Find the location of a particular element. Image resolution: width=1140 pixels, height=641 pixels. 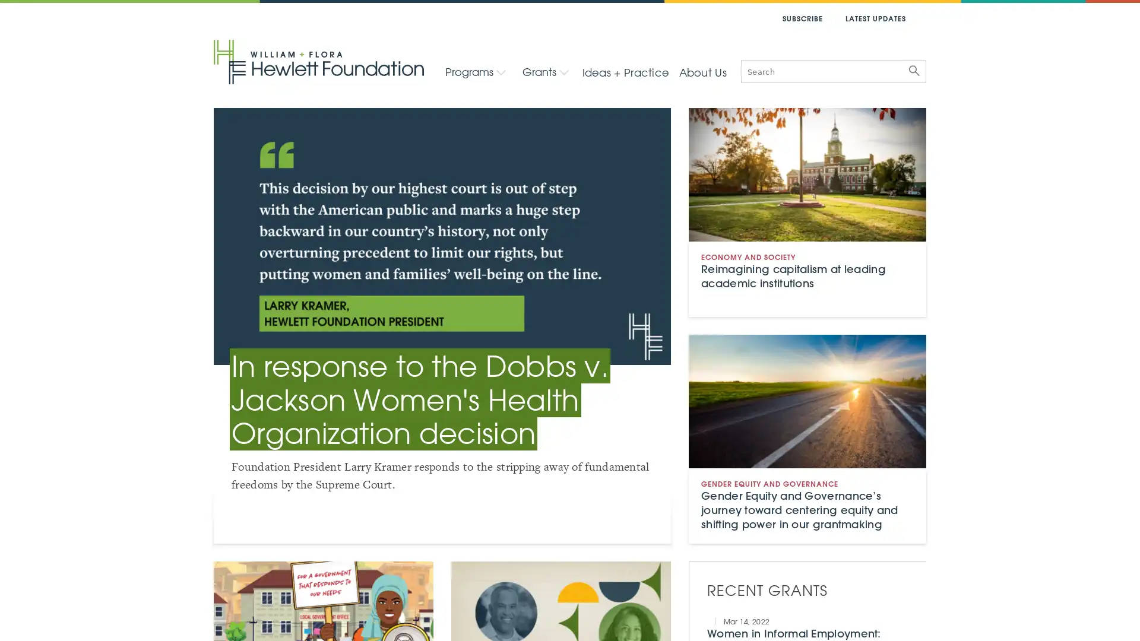

Programs is located at coordinates (476, 71).